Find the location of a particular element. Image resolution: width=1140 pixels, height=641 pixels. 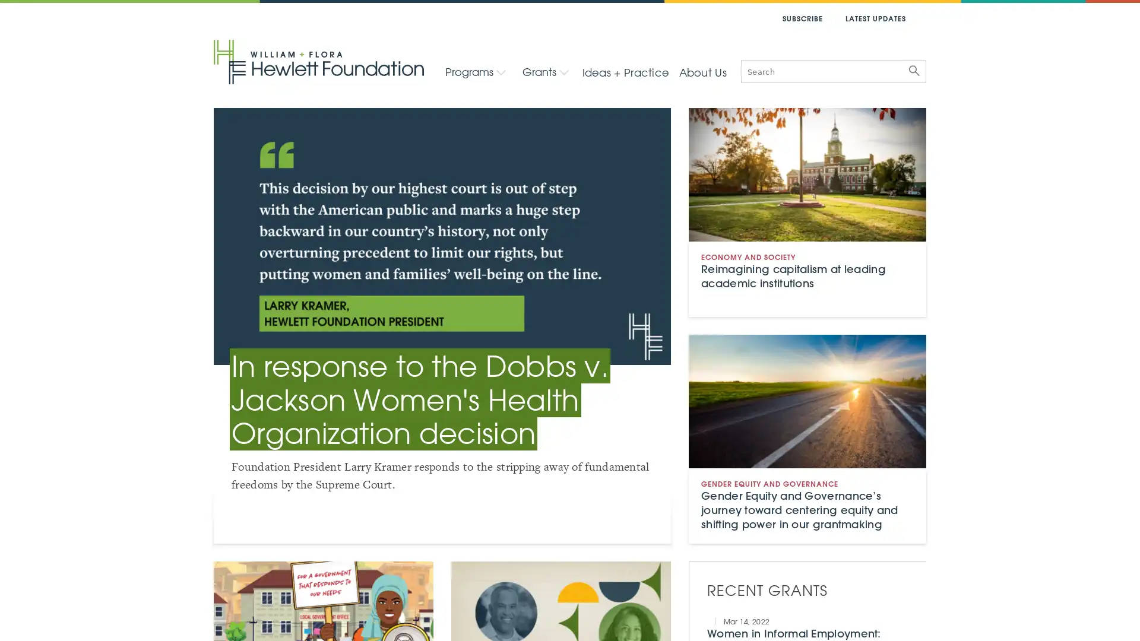

Programs is located at coordinates (476, 71).